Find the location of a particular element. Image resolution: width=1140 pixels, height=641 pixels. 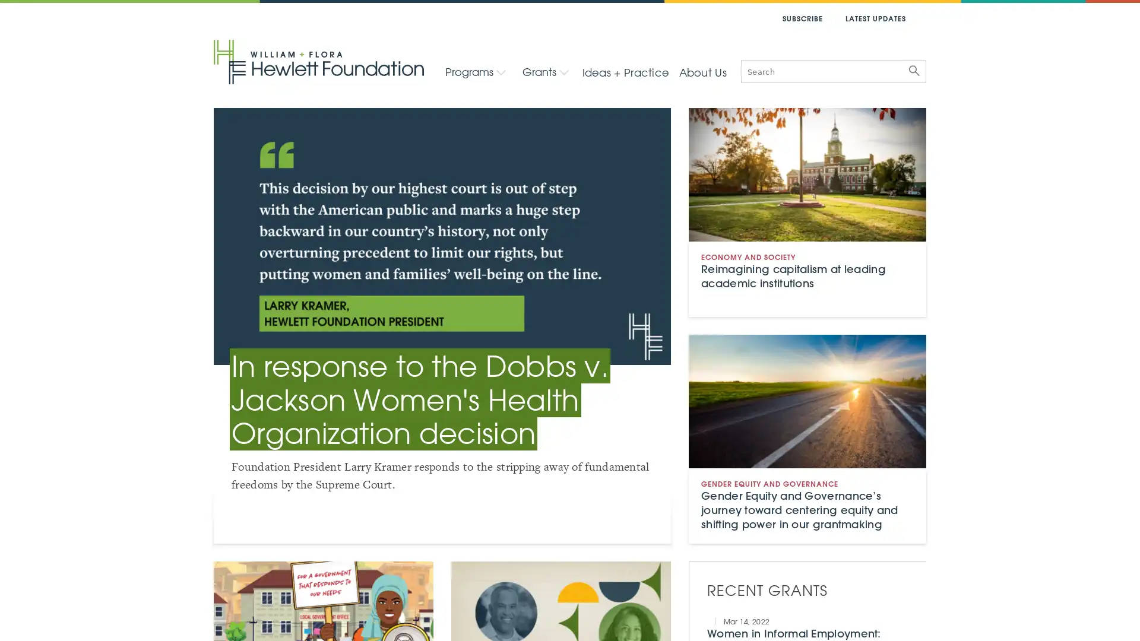

Programs is located at coordinates (476, 71).